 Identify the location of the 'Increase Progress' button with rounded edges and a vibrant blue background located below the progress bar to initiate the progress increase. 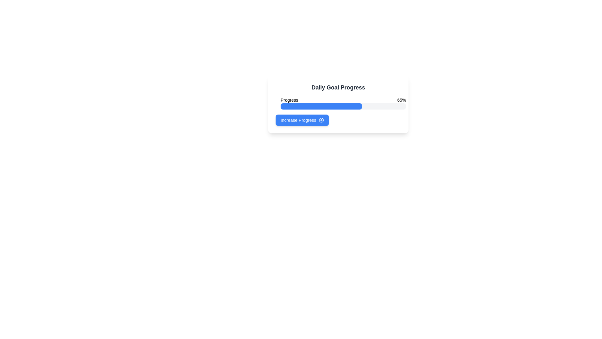
(302, 120).